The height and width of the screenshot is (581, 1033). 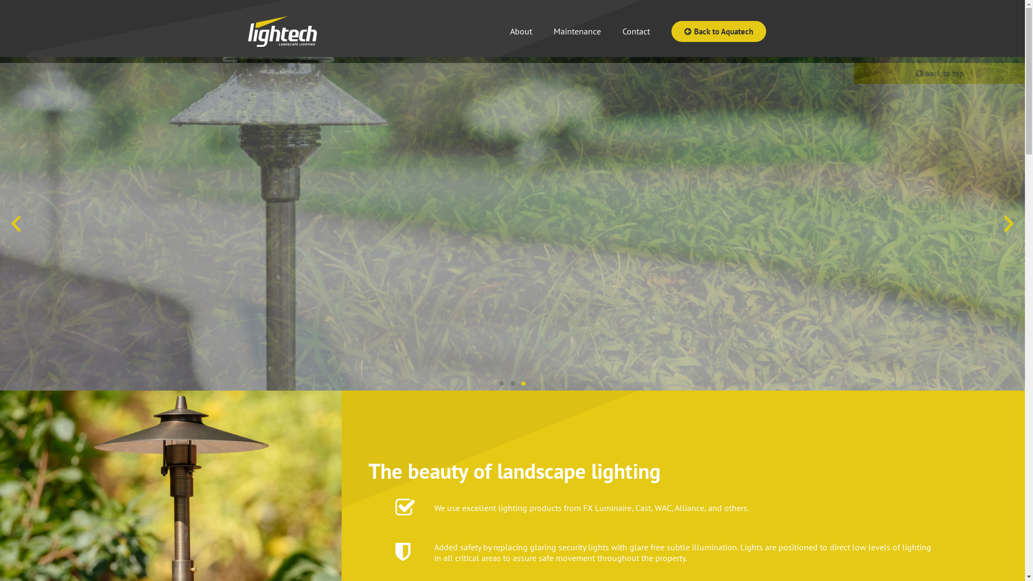 What do you see at coordinates (939, 73) in the screenshot?
I see `'back to top'` at bounding box center [939, 73].